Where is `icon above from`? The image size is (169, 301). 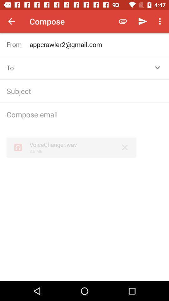 icon above from is located at coordinates (11, 21).